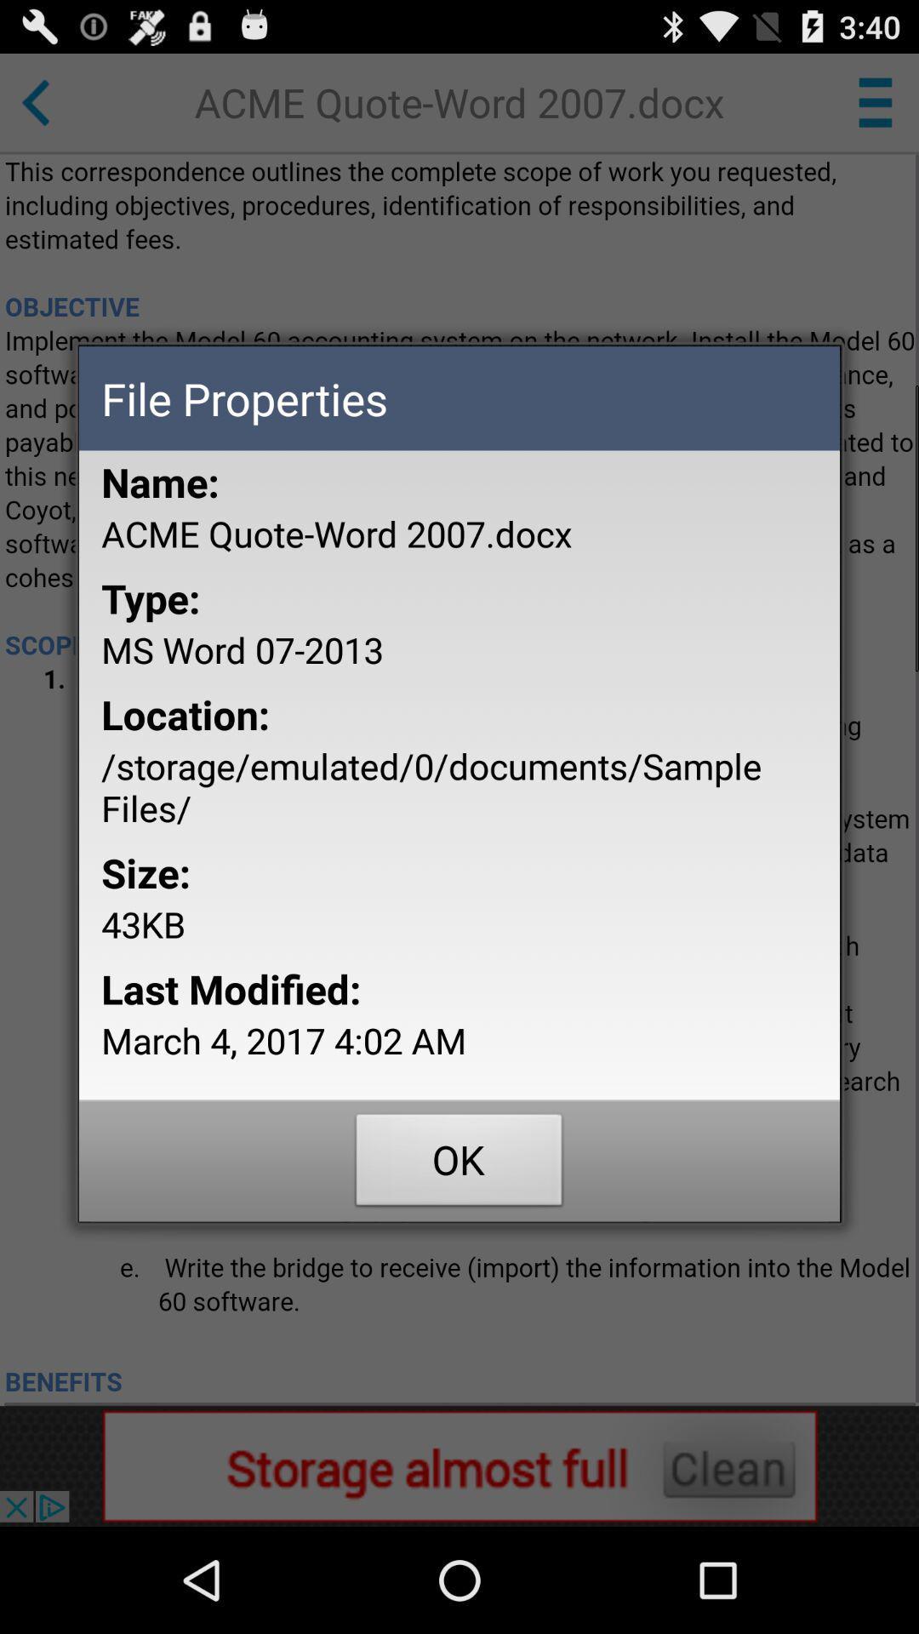 The image size is (919, 1634). Describe the element at coordinates (459, 1163) in the screenshot. I see `the ok` at that location.